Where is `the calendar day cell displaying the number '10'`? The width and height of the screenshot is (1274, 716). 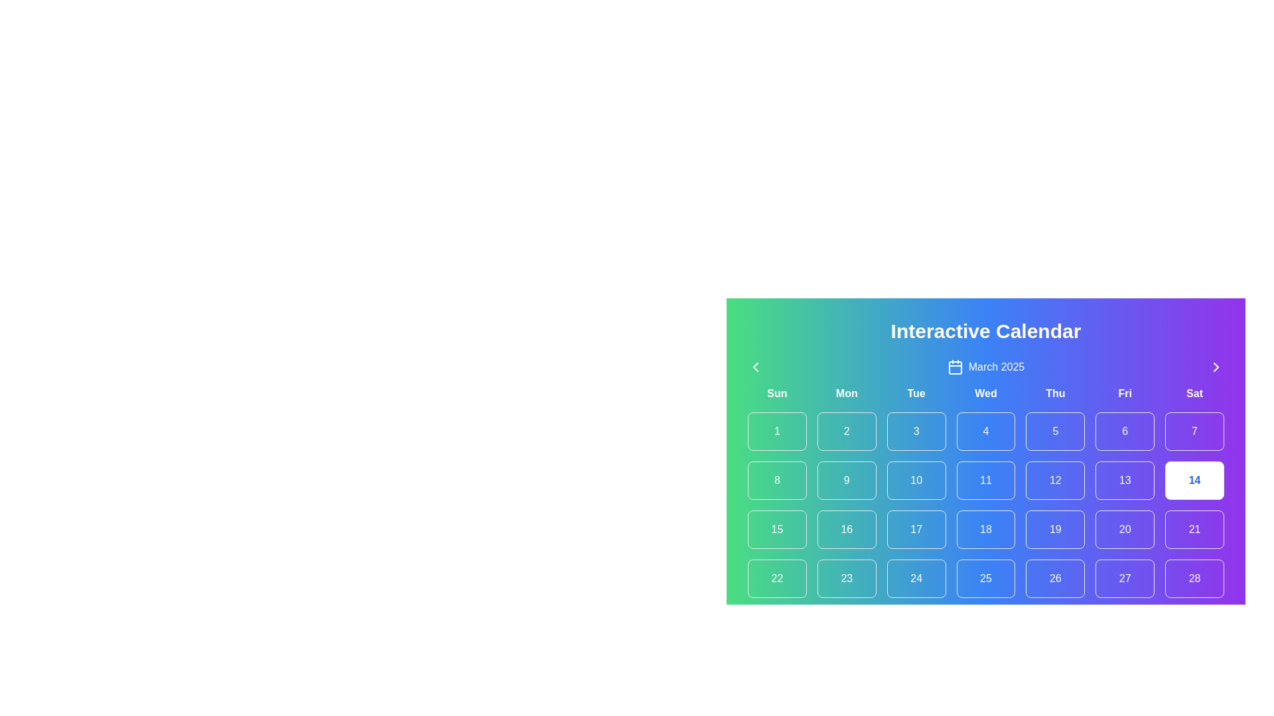
the calendar day cell displaying the number '10' is located at coordinates (916, 481).